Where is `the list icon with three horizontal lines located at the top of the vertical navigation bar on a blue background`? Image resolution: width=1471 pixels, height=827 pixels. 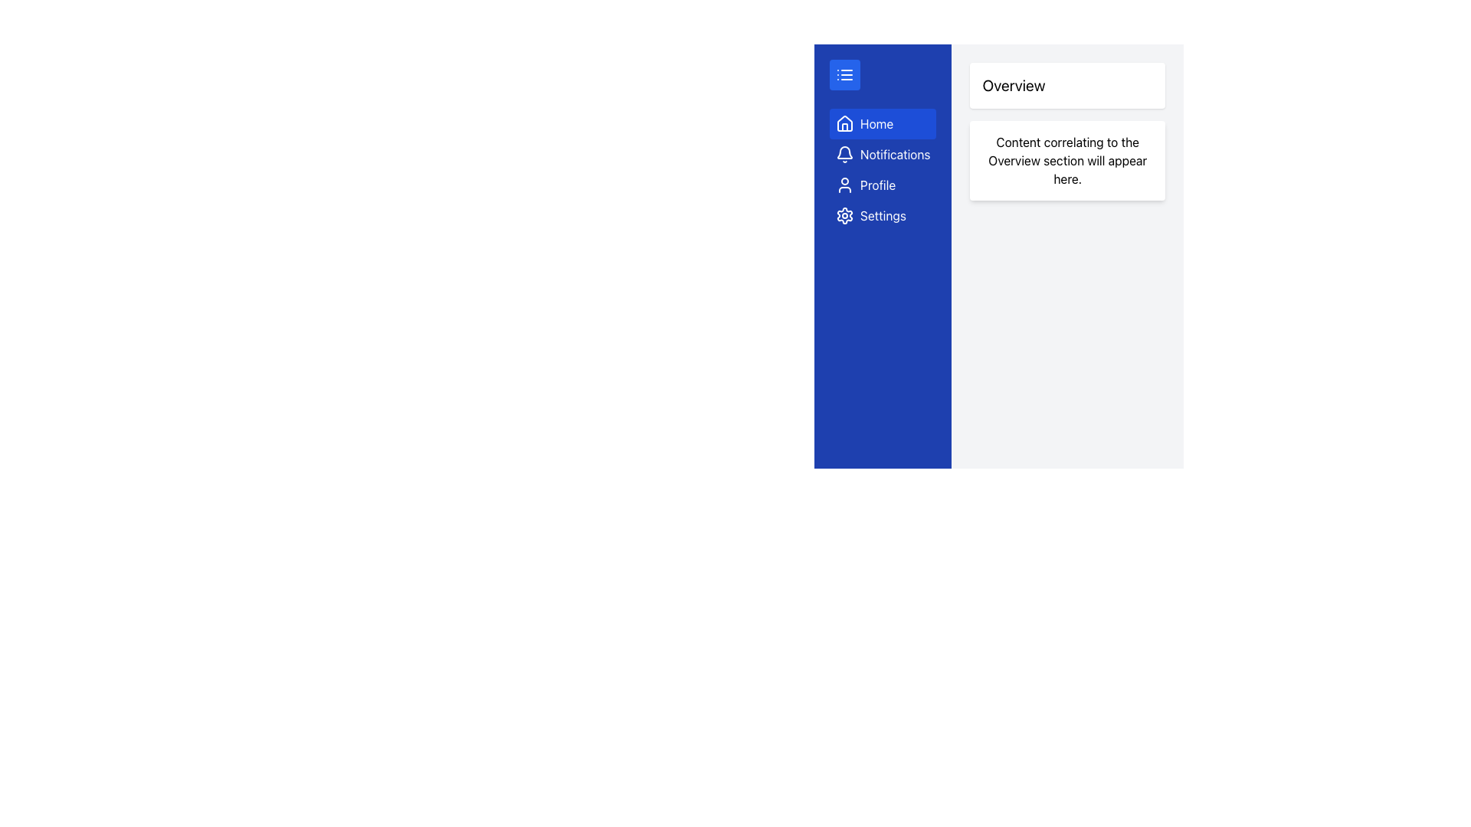
the list icon with three horizontal lines located at the top of the vertical navigation bar on a blue background is located at coordinates (844, 74).